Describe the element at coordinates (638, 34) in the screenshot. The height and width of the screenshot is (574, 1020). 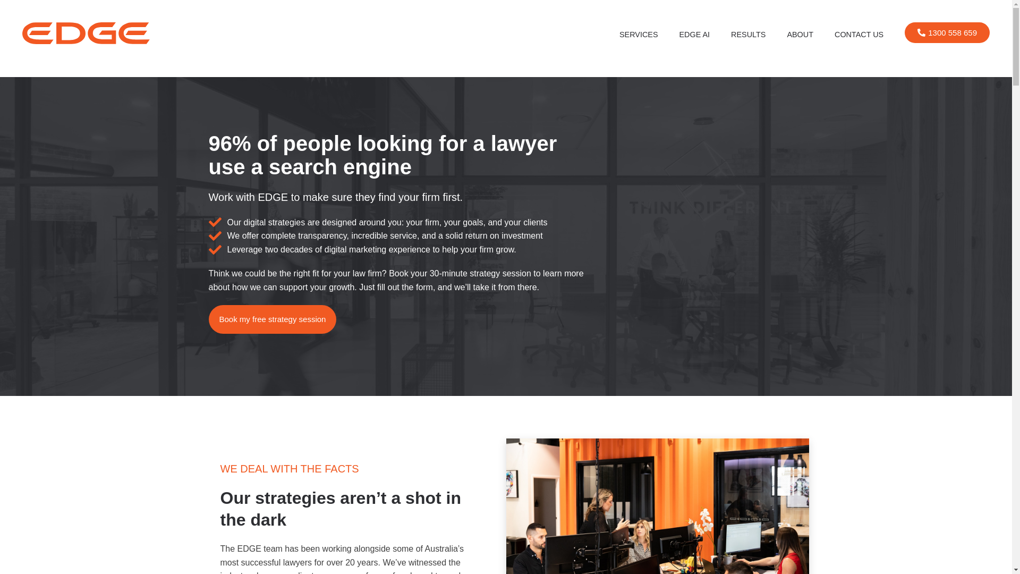
I see `'SERVICES'` at that location.